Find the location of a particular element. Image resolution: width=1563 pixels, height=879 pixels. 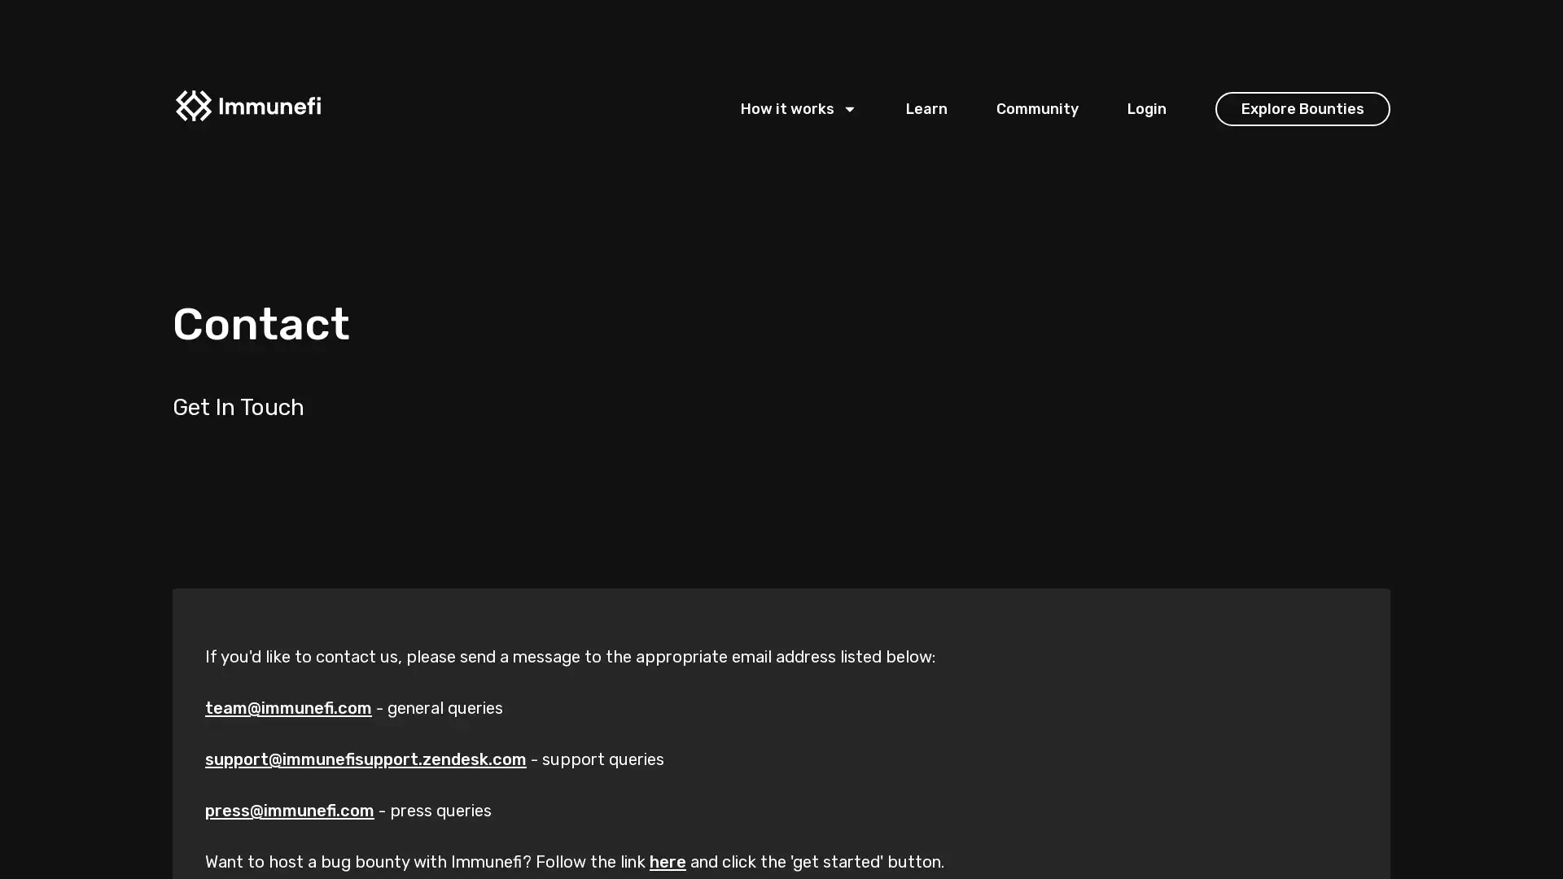

How it works is located at coordinates (799, 108).